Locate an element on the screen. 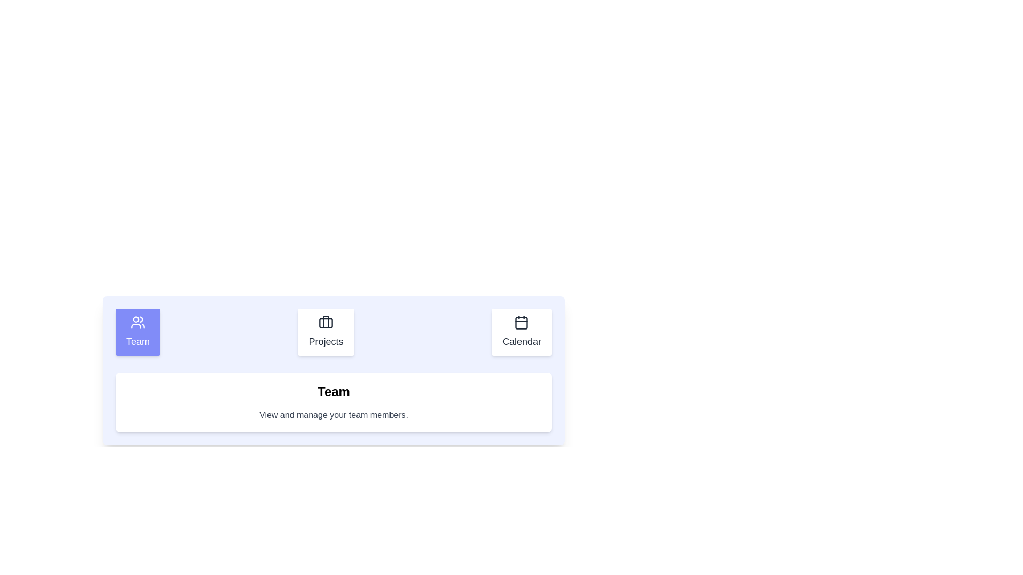 This screenshot has height=575, width=1023. the Team tab to observe its hover effect is located at coordinates (137, 332).